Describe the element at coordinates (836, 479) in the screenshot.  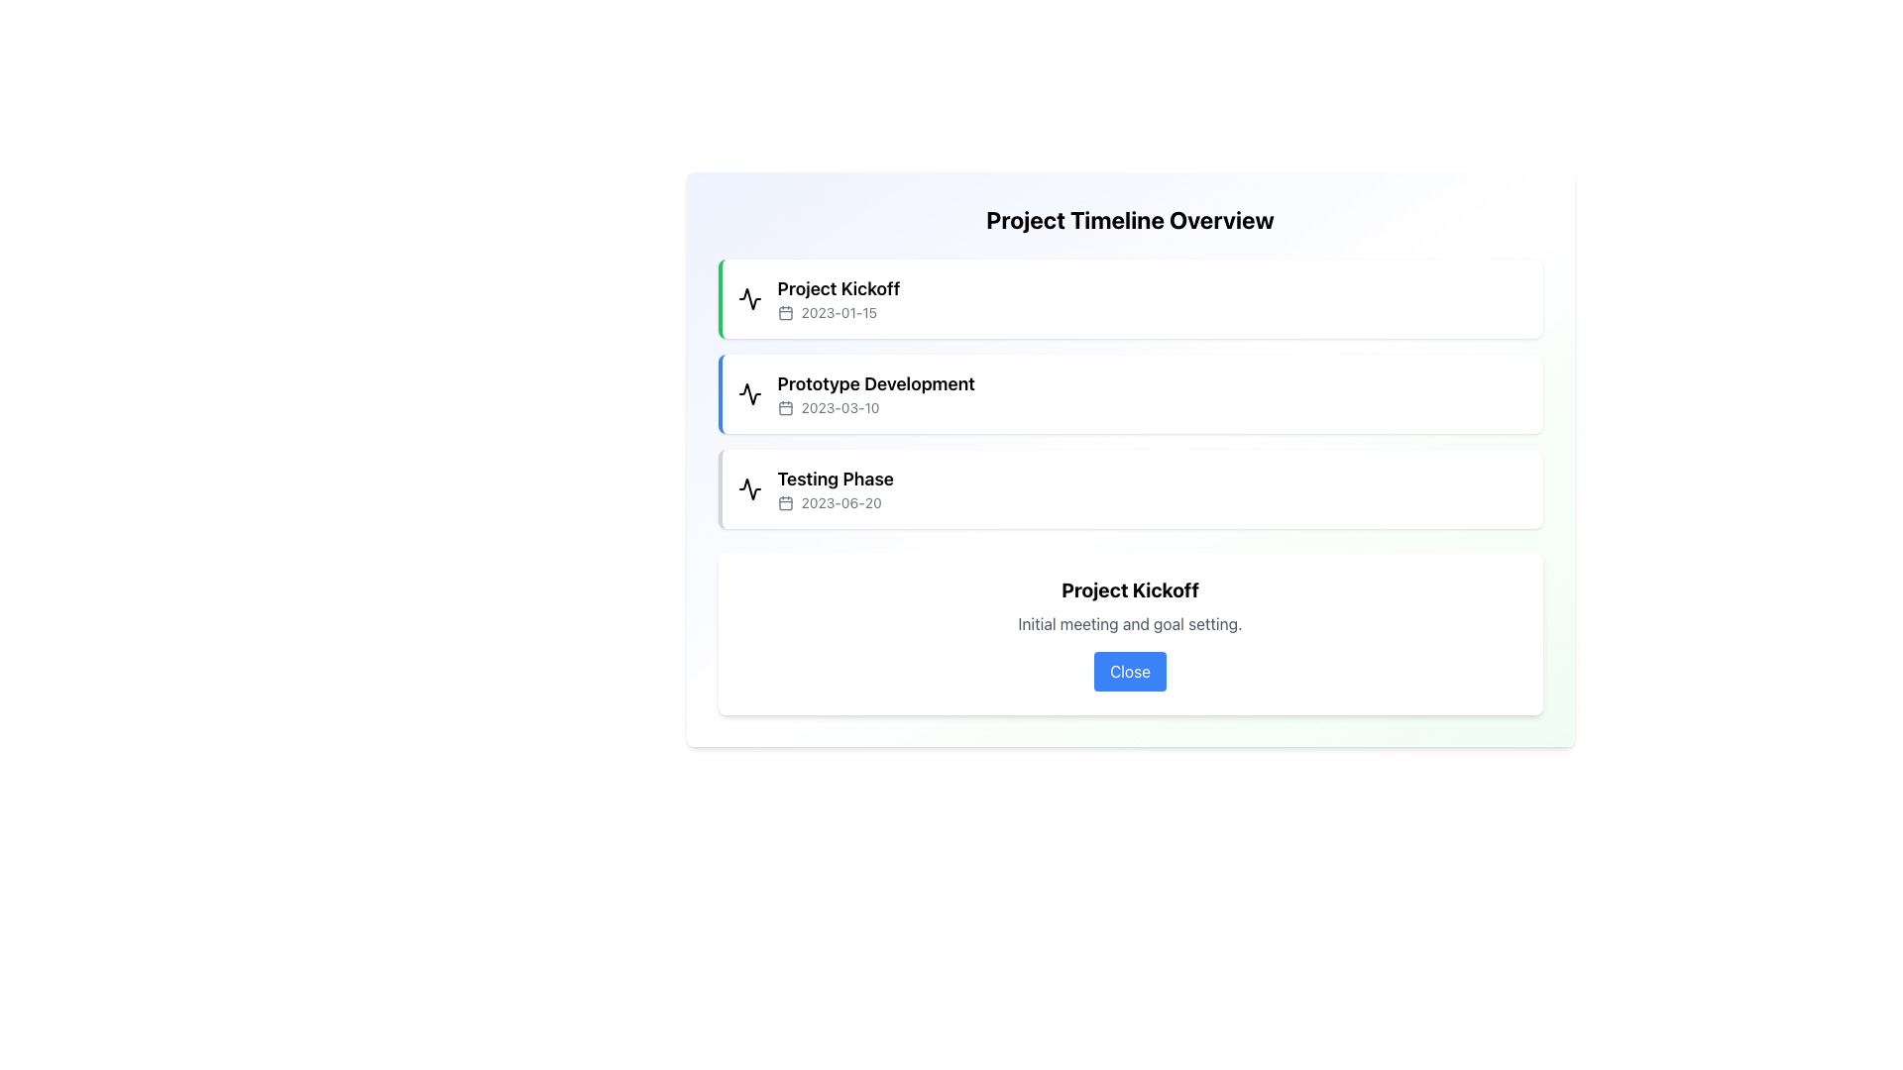
I see `the 'Testing Phase' text label, which is a bold and larger font title indicating the current phase of the project, positioned within the Project Timeline Overview section` at that location.